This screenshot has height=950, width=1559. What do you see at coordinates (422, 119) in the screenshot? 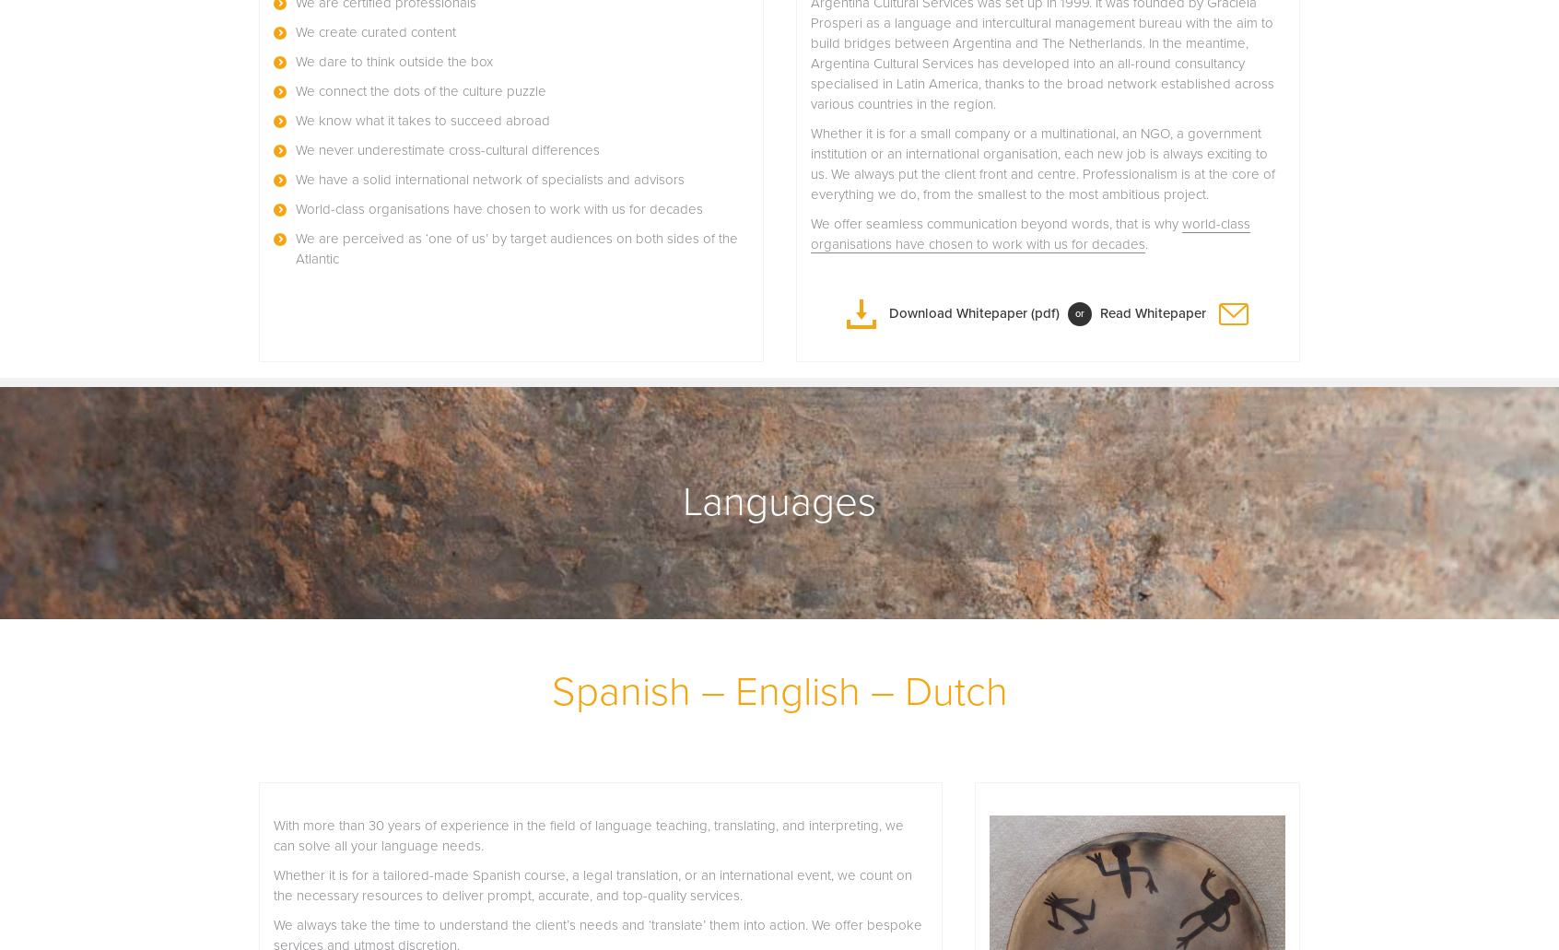
I see `'We know what it takes to succeed abroad'` at bounding box center [422, 119].